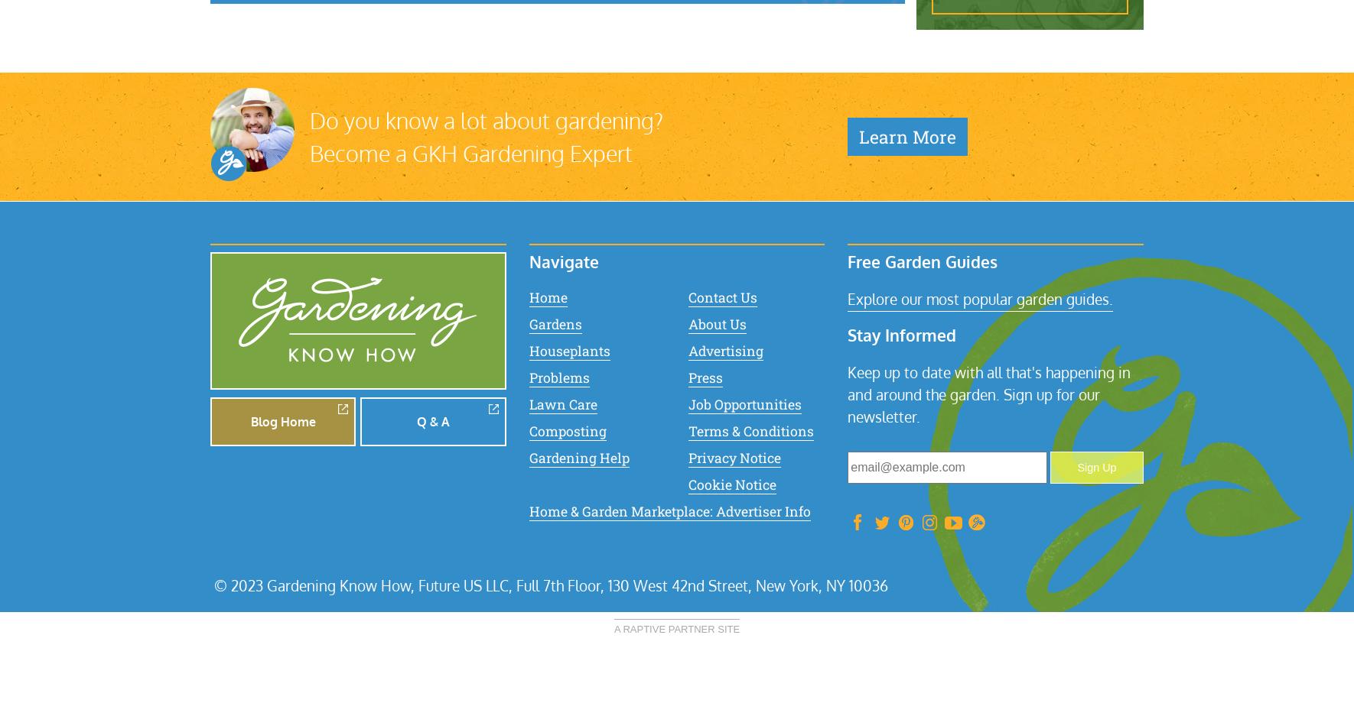  What do you see at coordinates (528, 510) in the screenshot?
I see `'Home & Garden Marketplace: Advertiser Info'` at bounding box center [528, 510].